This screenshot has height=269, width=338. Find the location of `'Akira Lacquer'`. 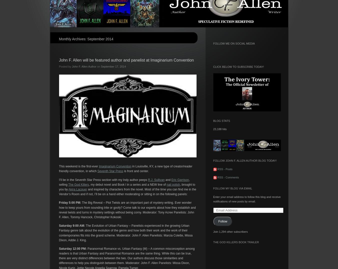

'Akira Lacquer' is located at coordinates (77, 189).